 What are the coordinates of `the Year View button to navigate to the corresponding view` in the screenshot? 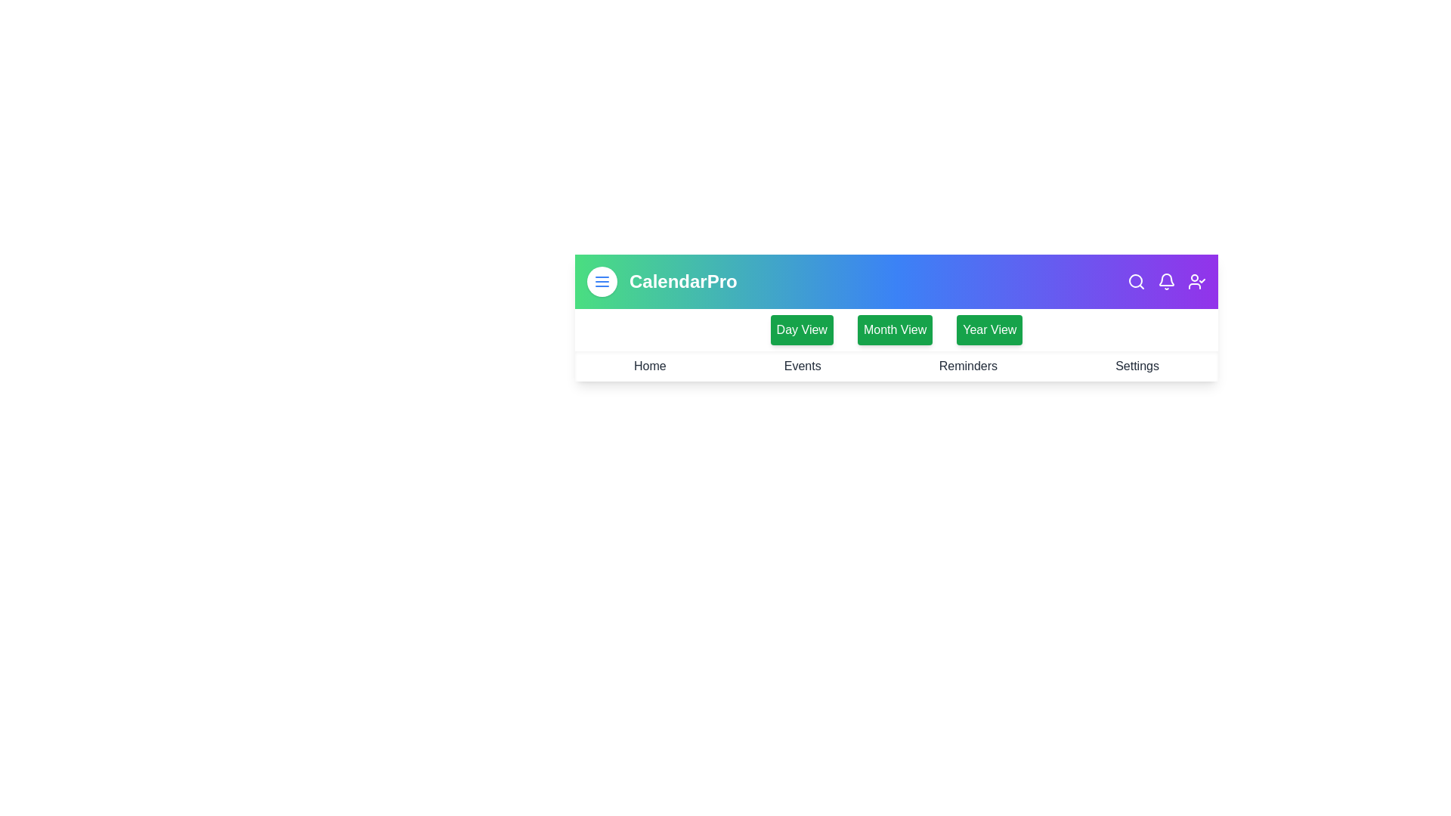 It's located at (989, 329).